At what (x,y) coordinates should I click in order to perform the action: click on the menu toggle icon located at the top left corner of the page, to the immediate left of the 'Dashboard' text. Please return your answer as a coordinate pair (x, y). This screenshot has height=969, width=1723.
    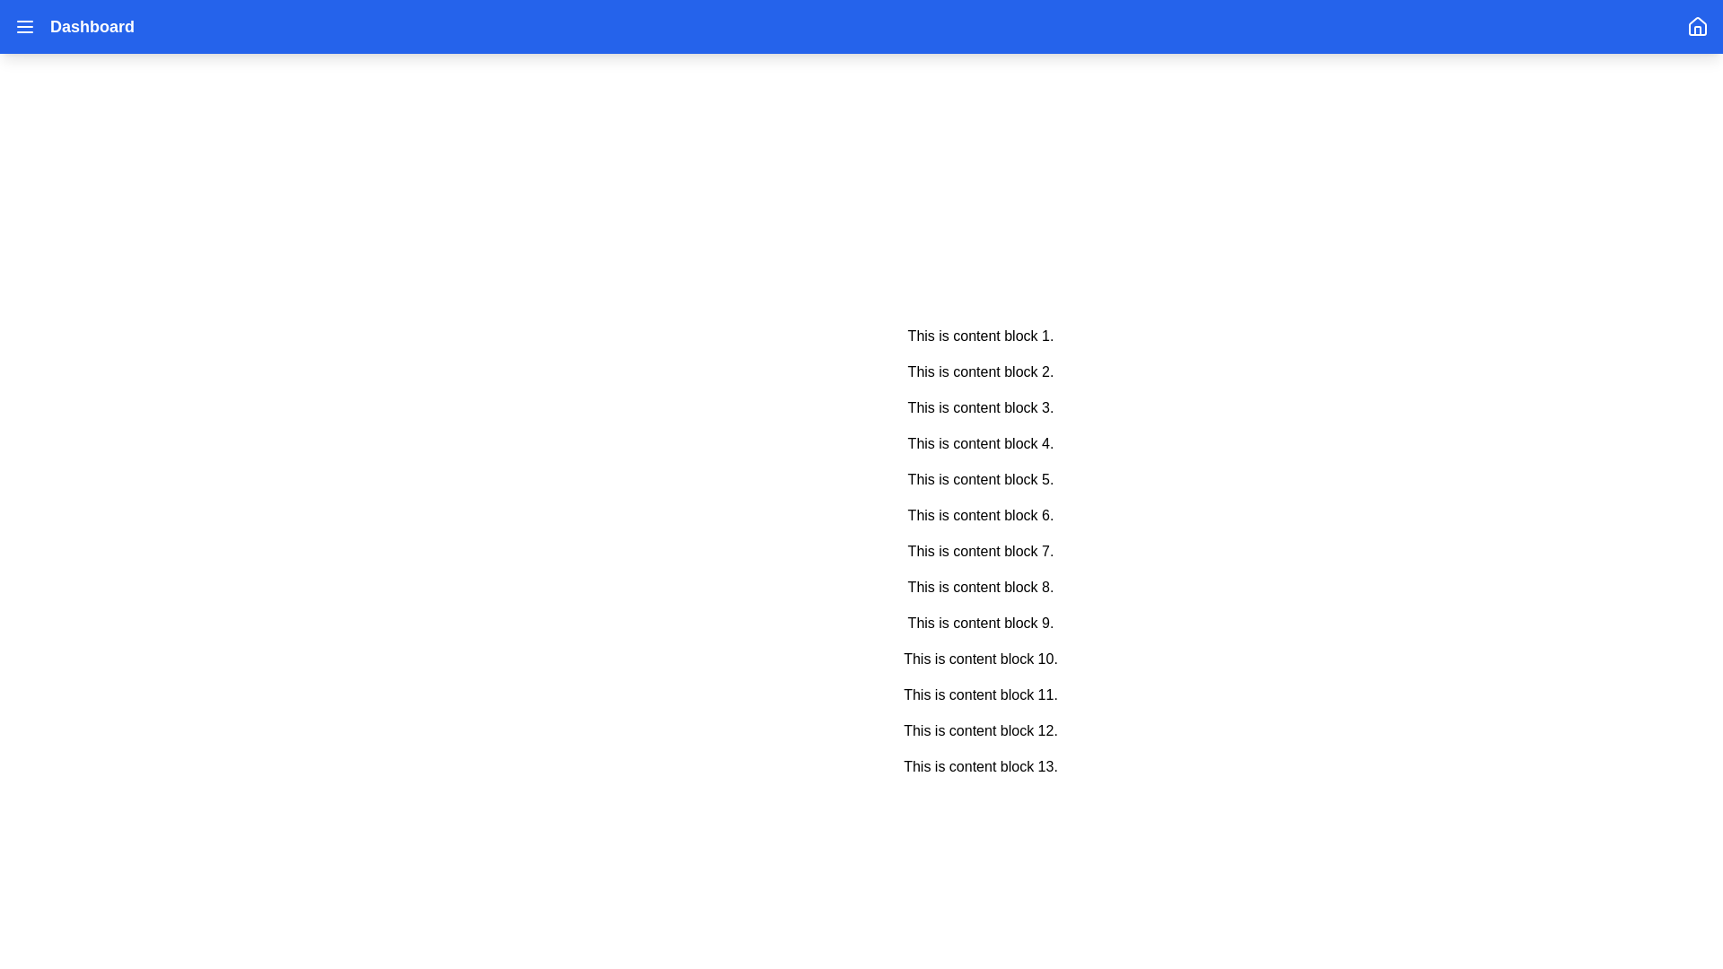
    Looking at the image, I should click on (25, 27).